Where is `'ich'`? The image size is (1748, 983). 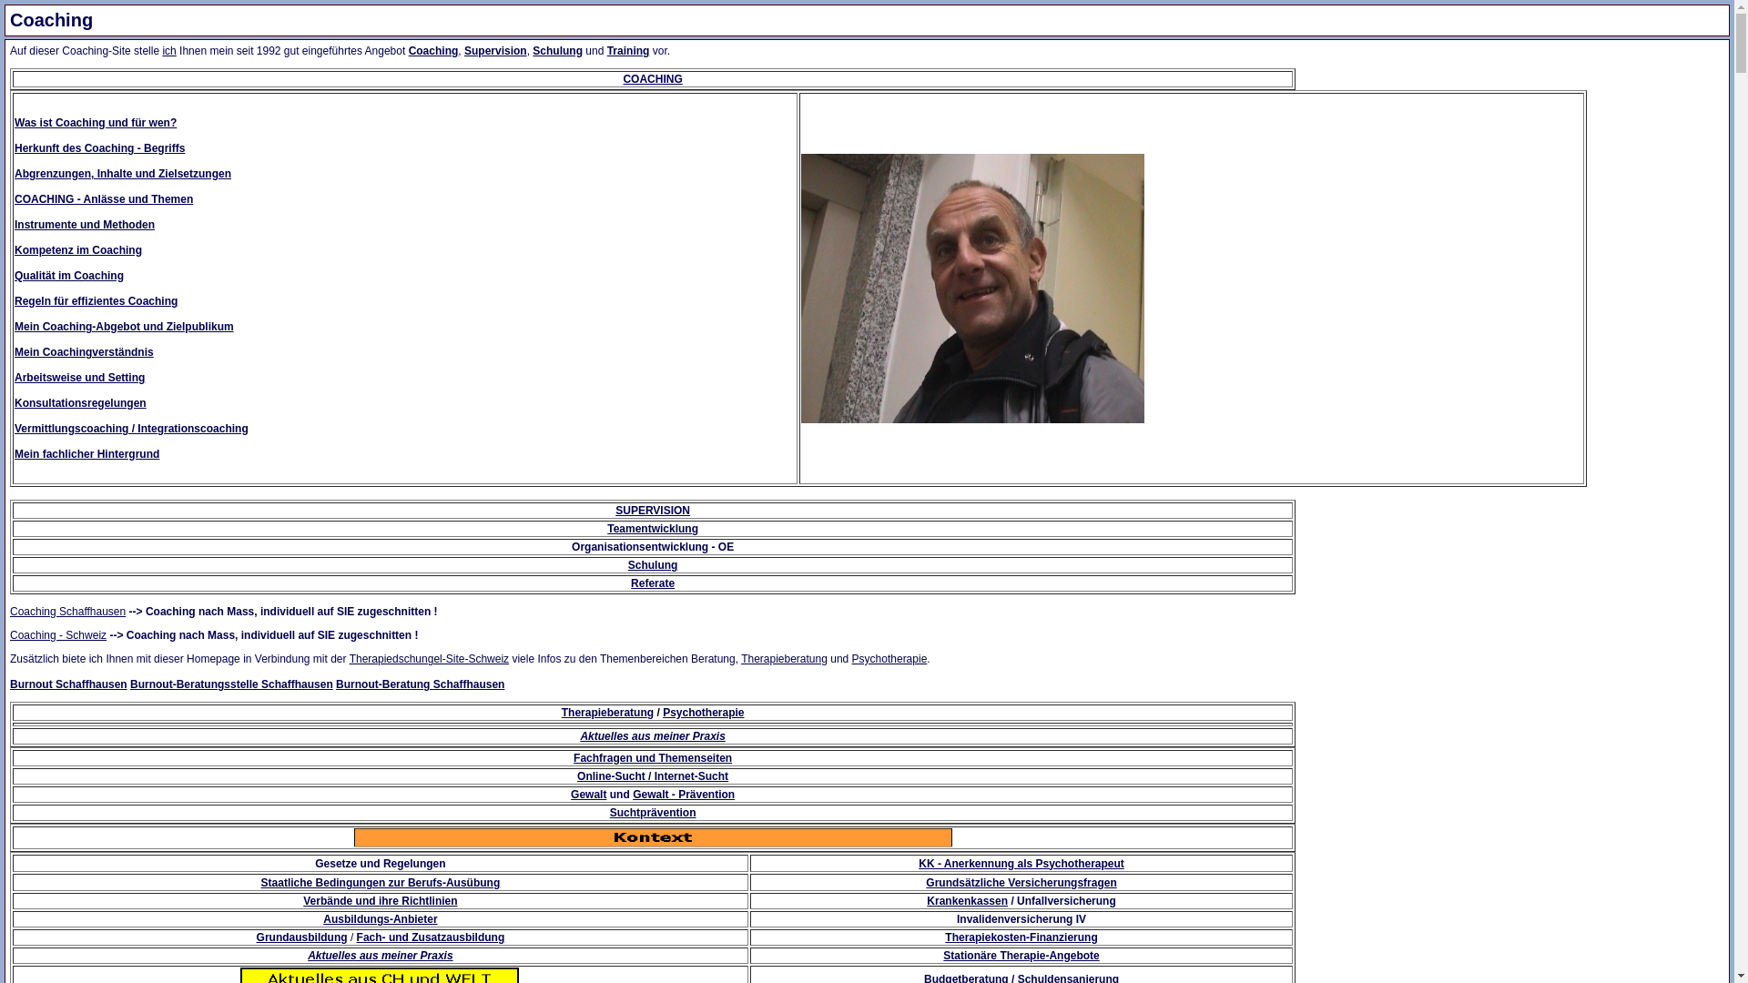 'ich' is located at coordinates (161, 50).